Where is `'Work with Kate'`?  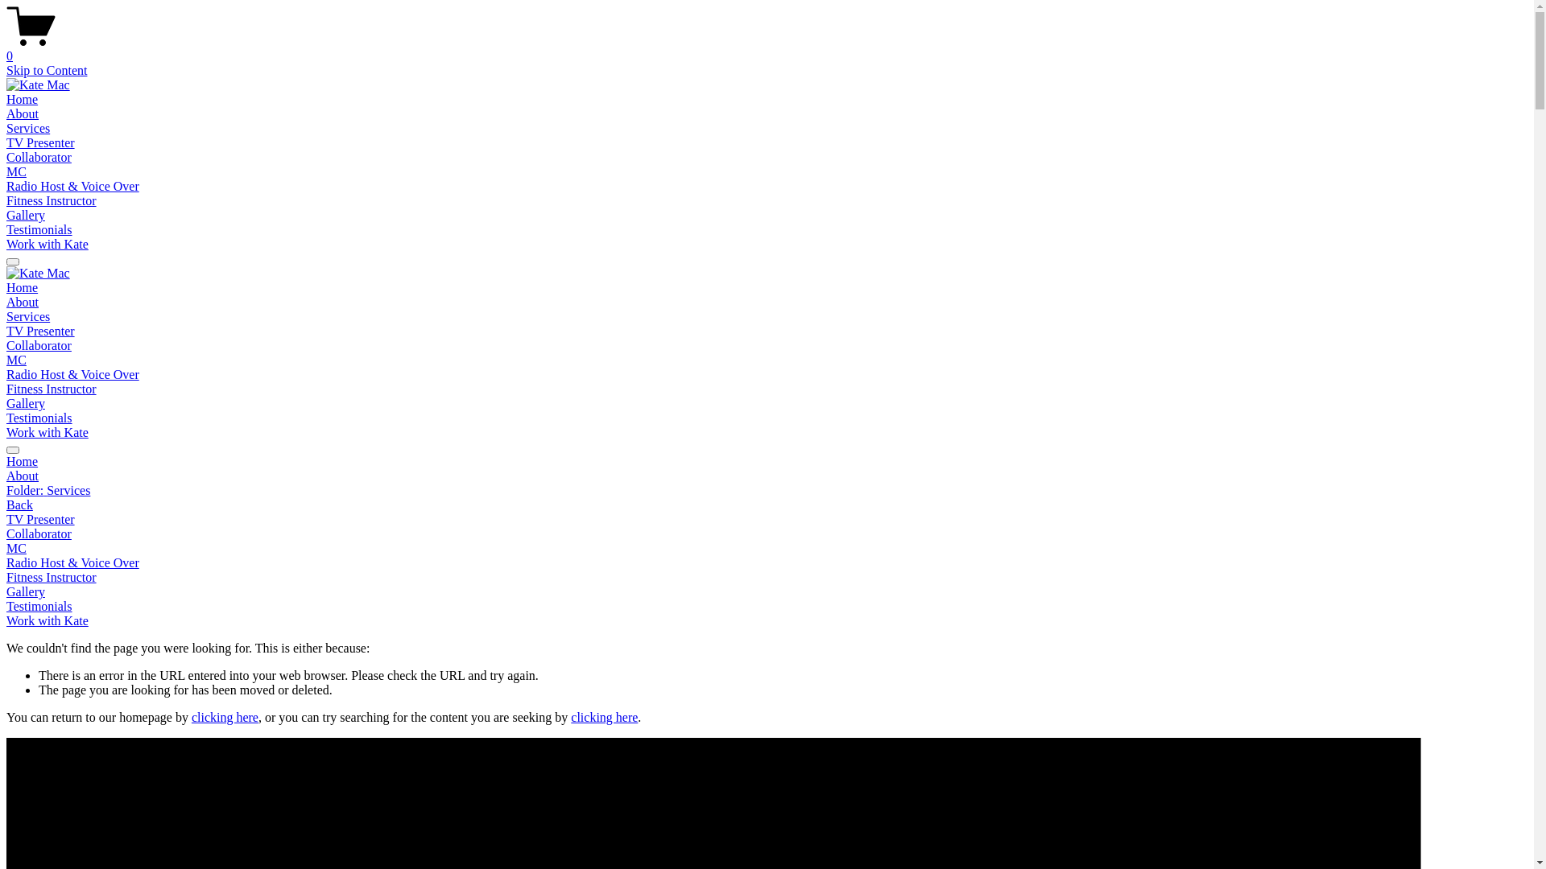 'Work with Kate' is located at coordinates (6, 620).